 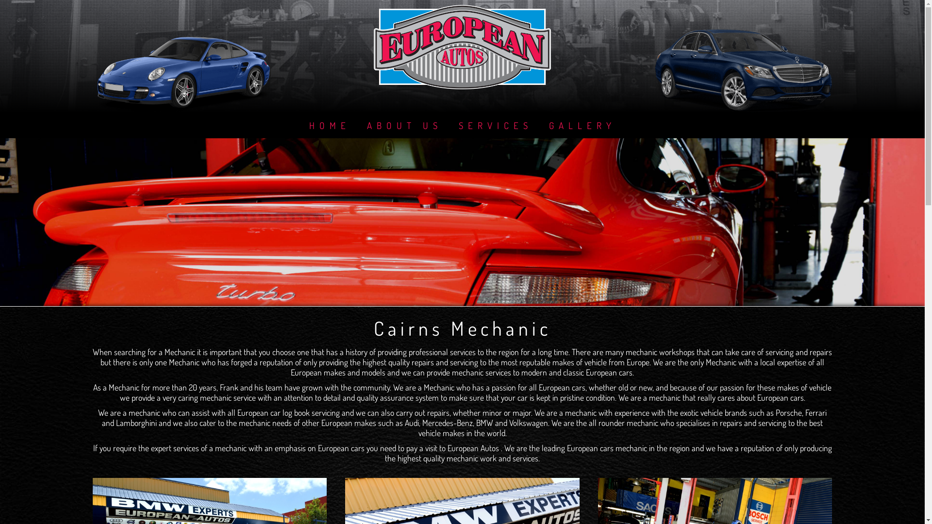 What do you see at coordinates (330, 125) in the screenshot?
I see `'HOME'` at bounding box center [330, 125].